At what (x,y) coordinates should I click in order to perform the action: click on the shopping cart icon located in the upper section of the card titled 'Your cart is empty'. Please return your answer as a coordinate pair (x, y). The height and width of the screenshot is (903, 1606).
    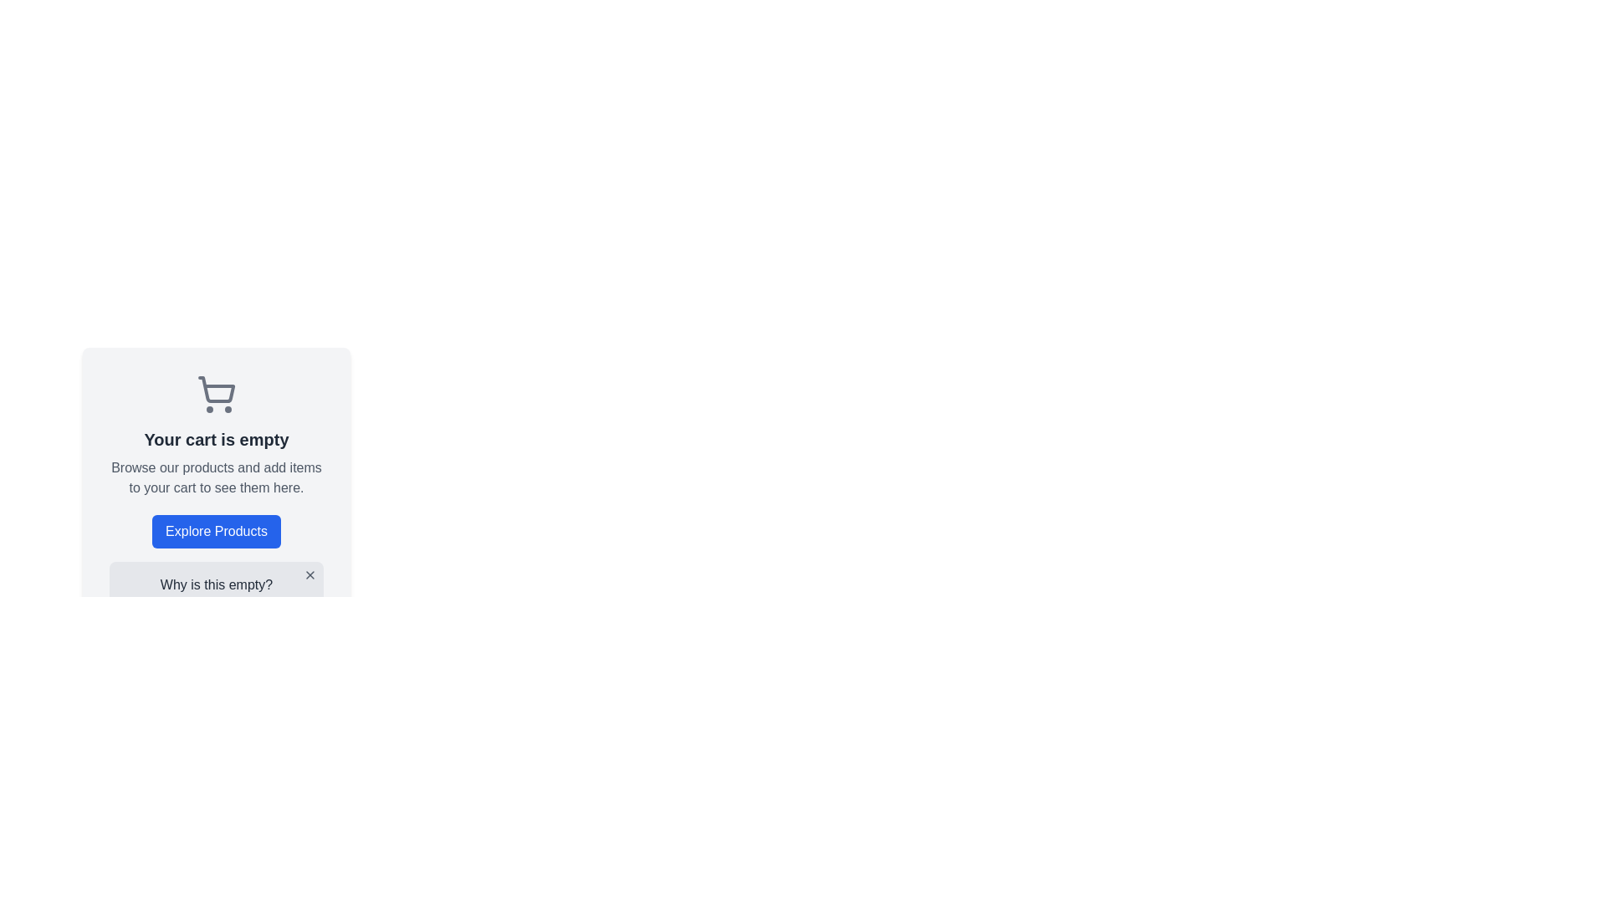
    Looking at the image, I should click on (216, 390).